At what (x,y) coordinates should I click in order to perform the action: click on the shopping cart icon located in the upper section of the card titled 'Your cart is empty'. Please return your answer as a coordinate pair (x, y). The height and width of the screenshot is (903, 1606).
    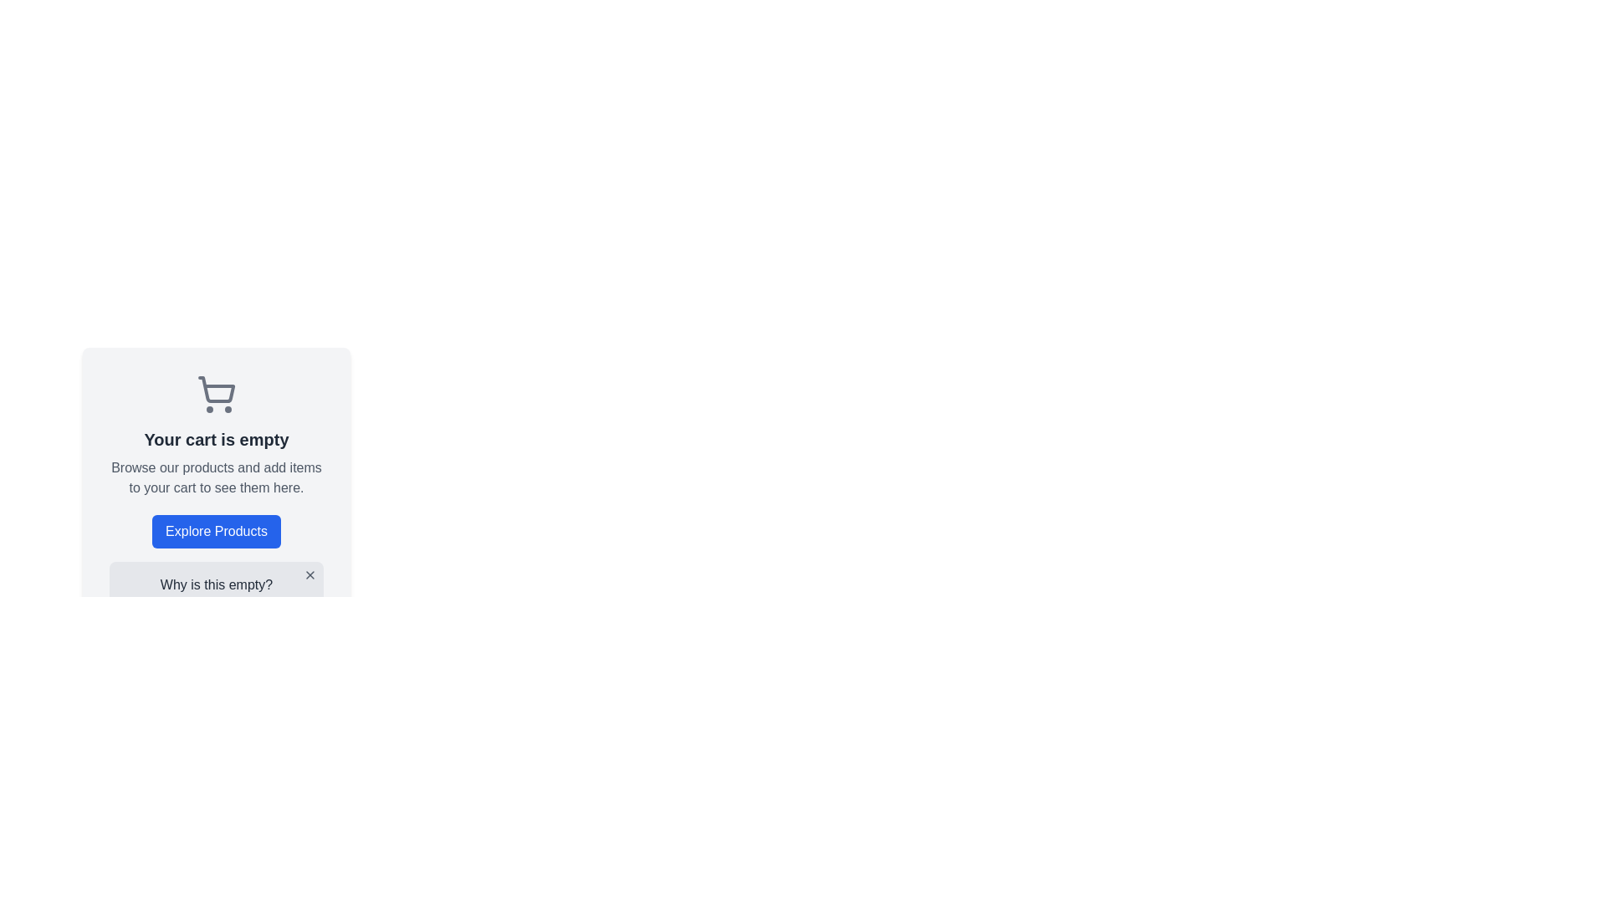
    Looking at the image, I should click on (216, 390).